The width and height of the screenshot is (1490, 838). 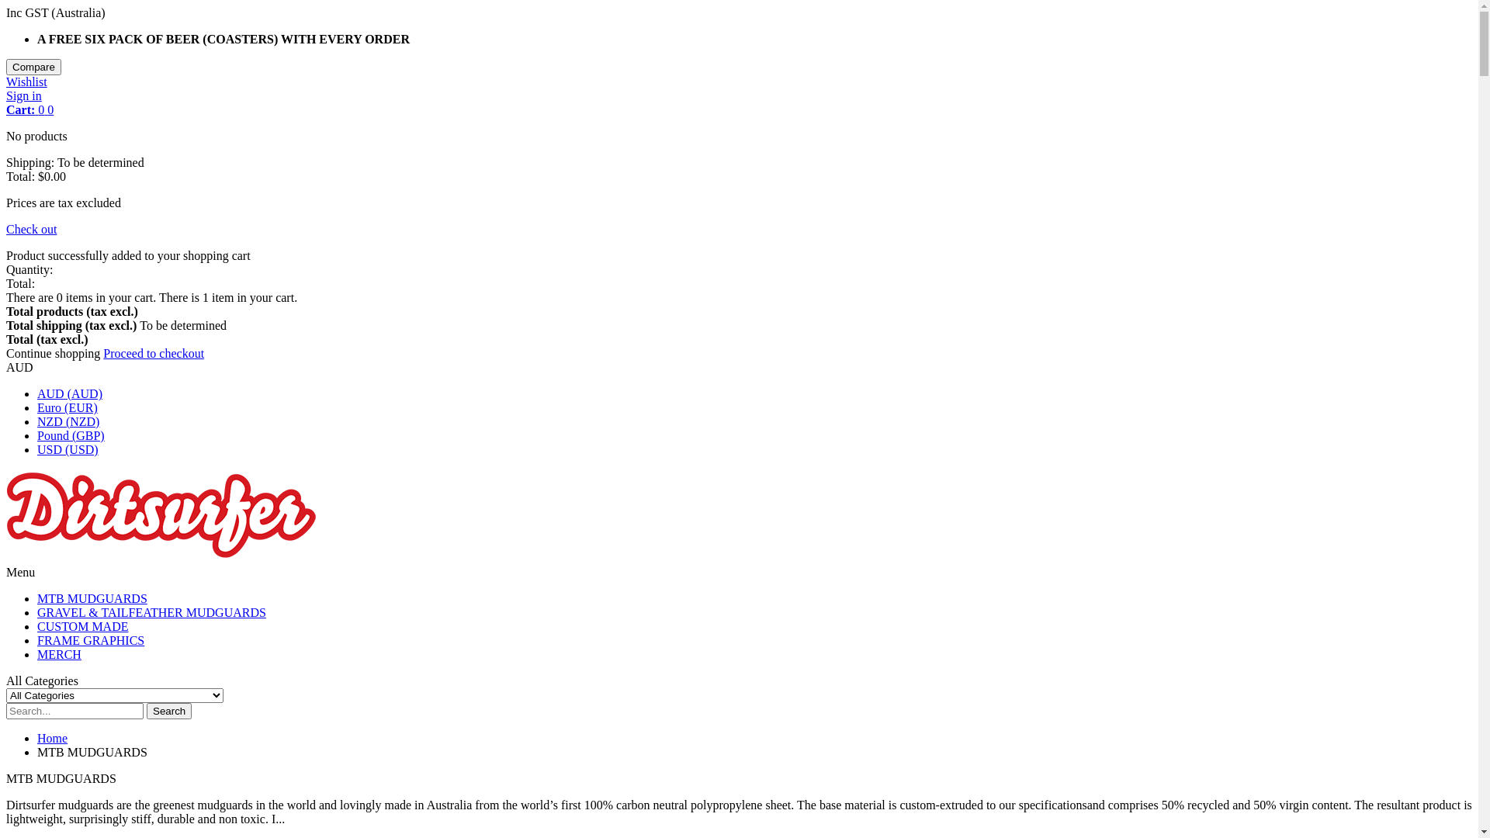 What do you see at coordinates (29, 109) in the screenshot?
I see `'Cart: 0 0'` at bounding box center [29, 109].